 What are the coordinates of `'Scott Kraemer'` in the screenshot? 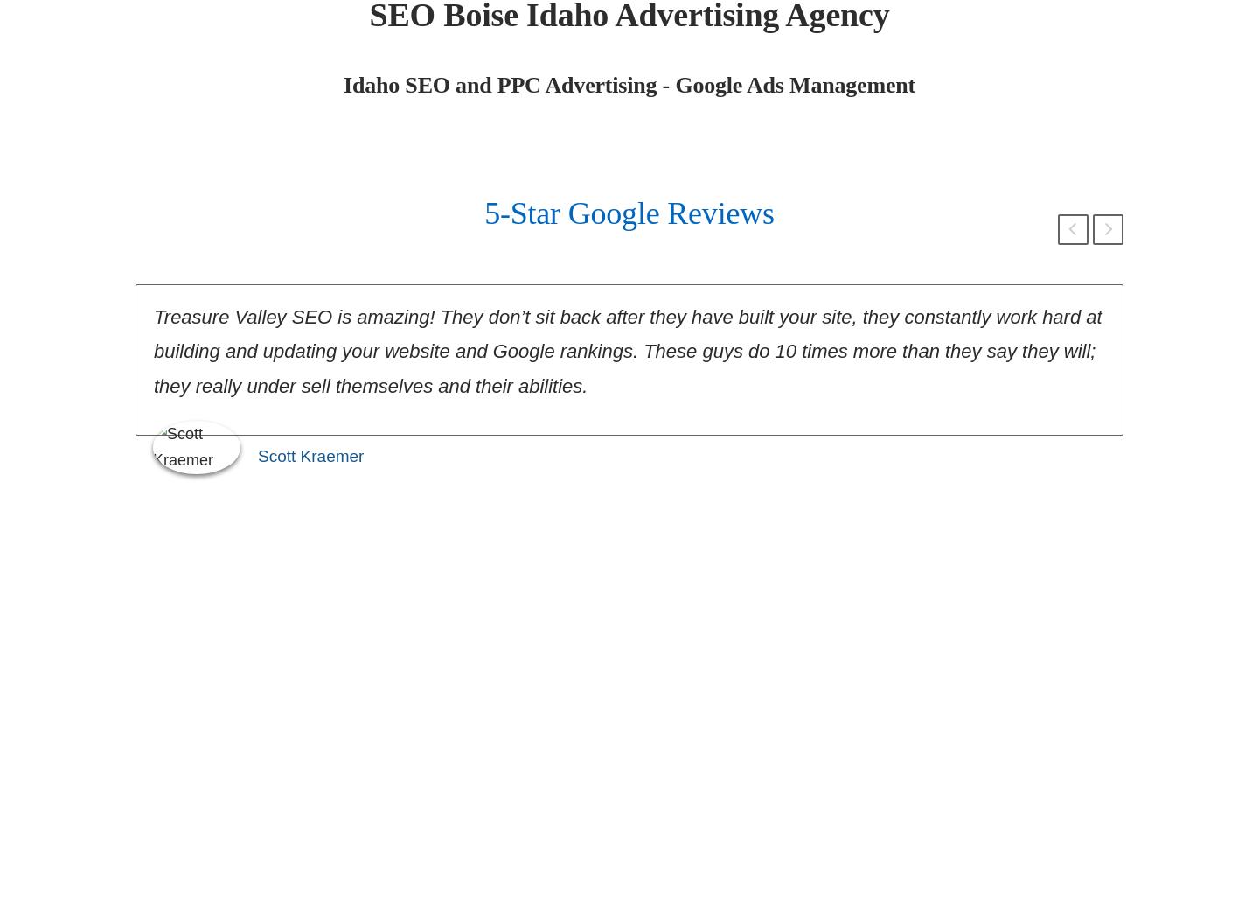 It's located at (310, 455).